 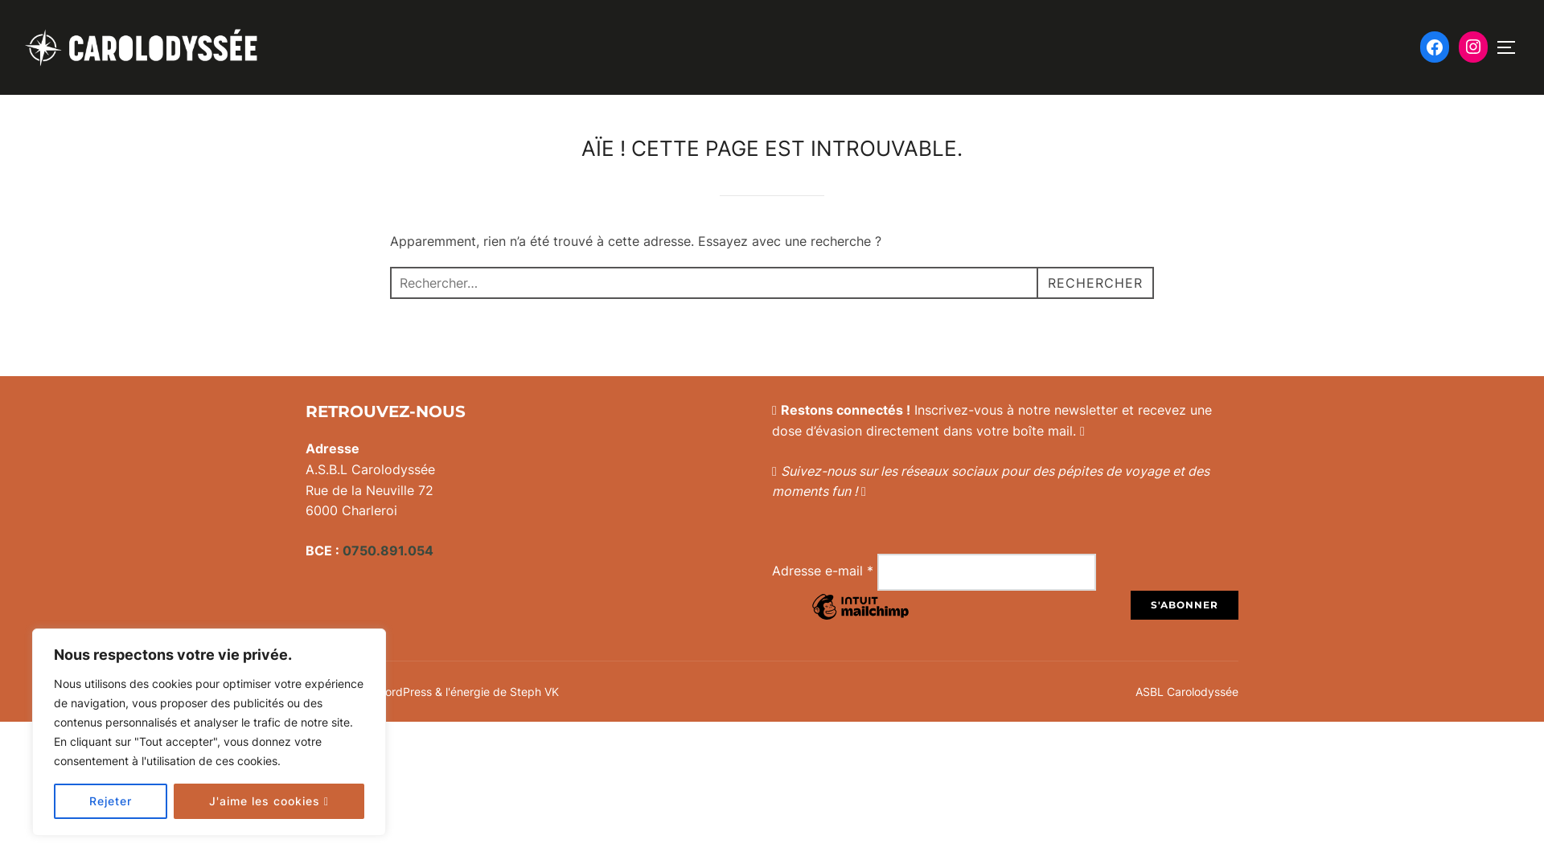 I want to click on 'Rejeter', so click(x=109, y=800).